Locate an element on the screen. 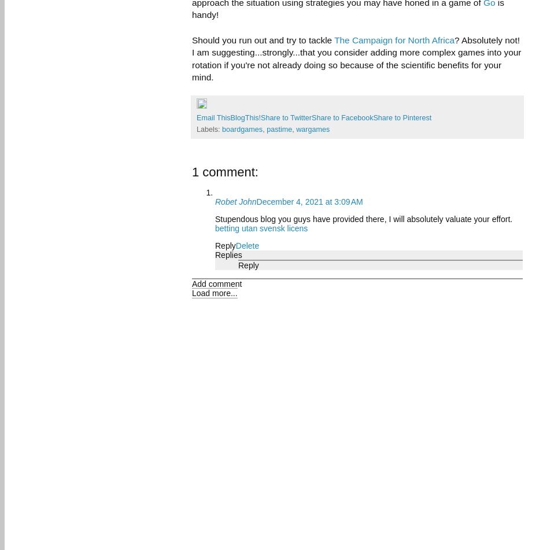 This screenshot has width=554, height=550. 'Share to Facebook' is located at coordinates (342, 117).